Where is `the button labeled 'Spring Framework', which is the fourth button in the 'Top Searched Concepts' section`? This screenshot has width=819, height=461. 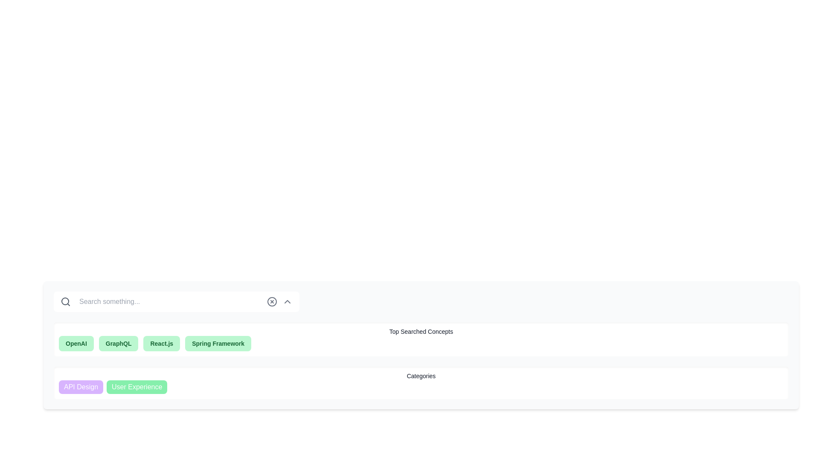
the button labeled 'Spring Framework', which is the fourth button in the 'Top Searched Concepts' section is located at coordinates (218, 343).